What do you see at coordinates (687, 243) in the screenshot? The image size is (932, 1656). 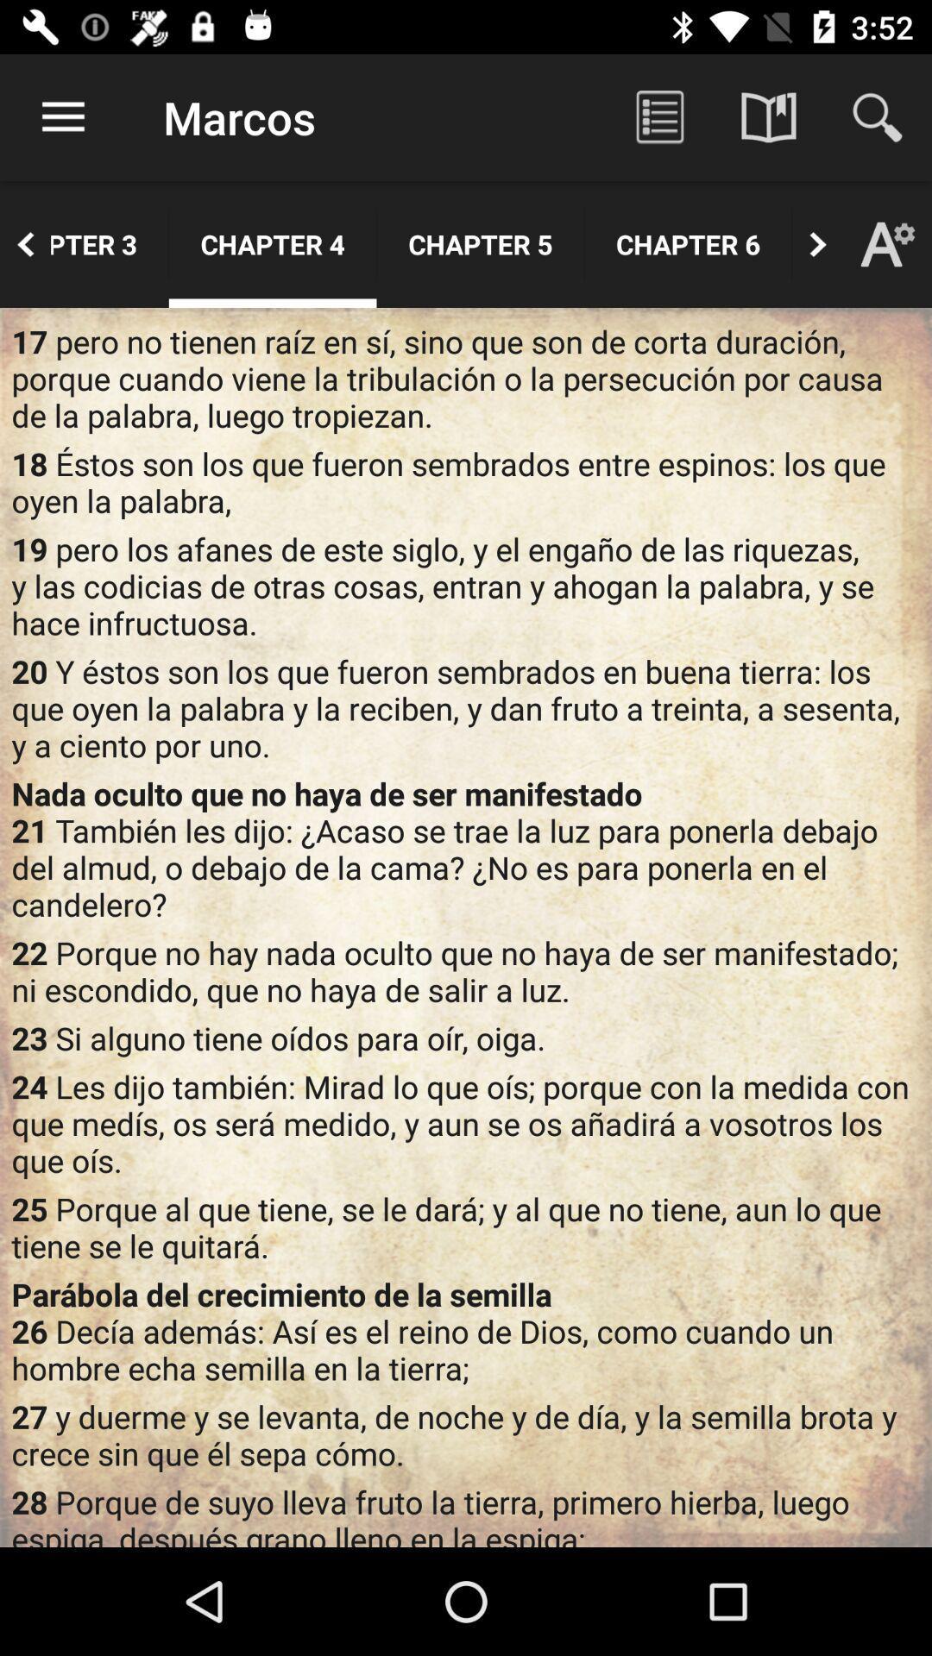 I see `chapter 6 at the top` at bounding box center [687, 243].